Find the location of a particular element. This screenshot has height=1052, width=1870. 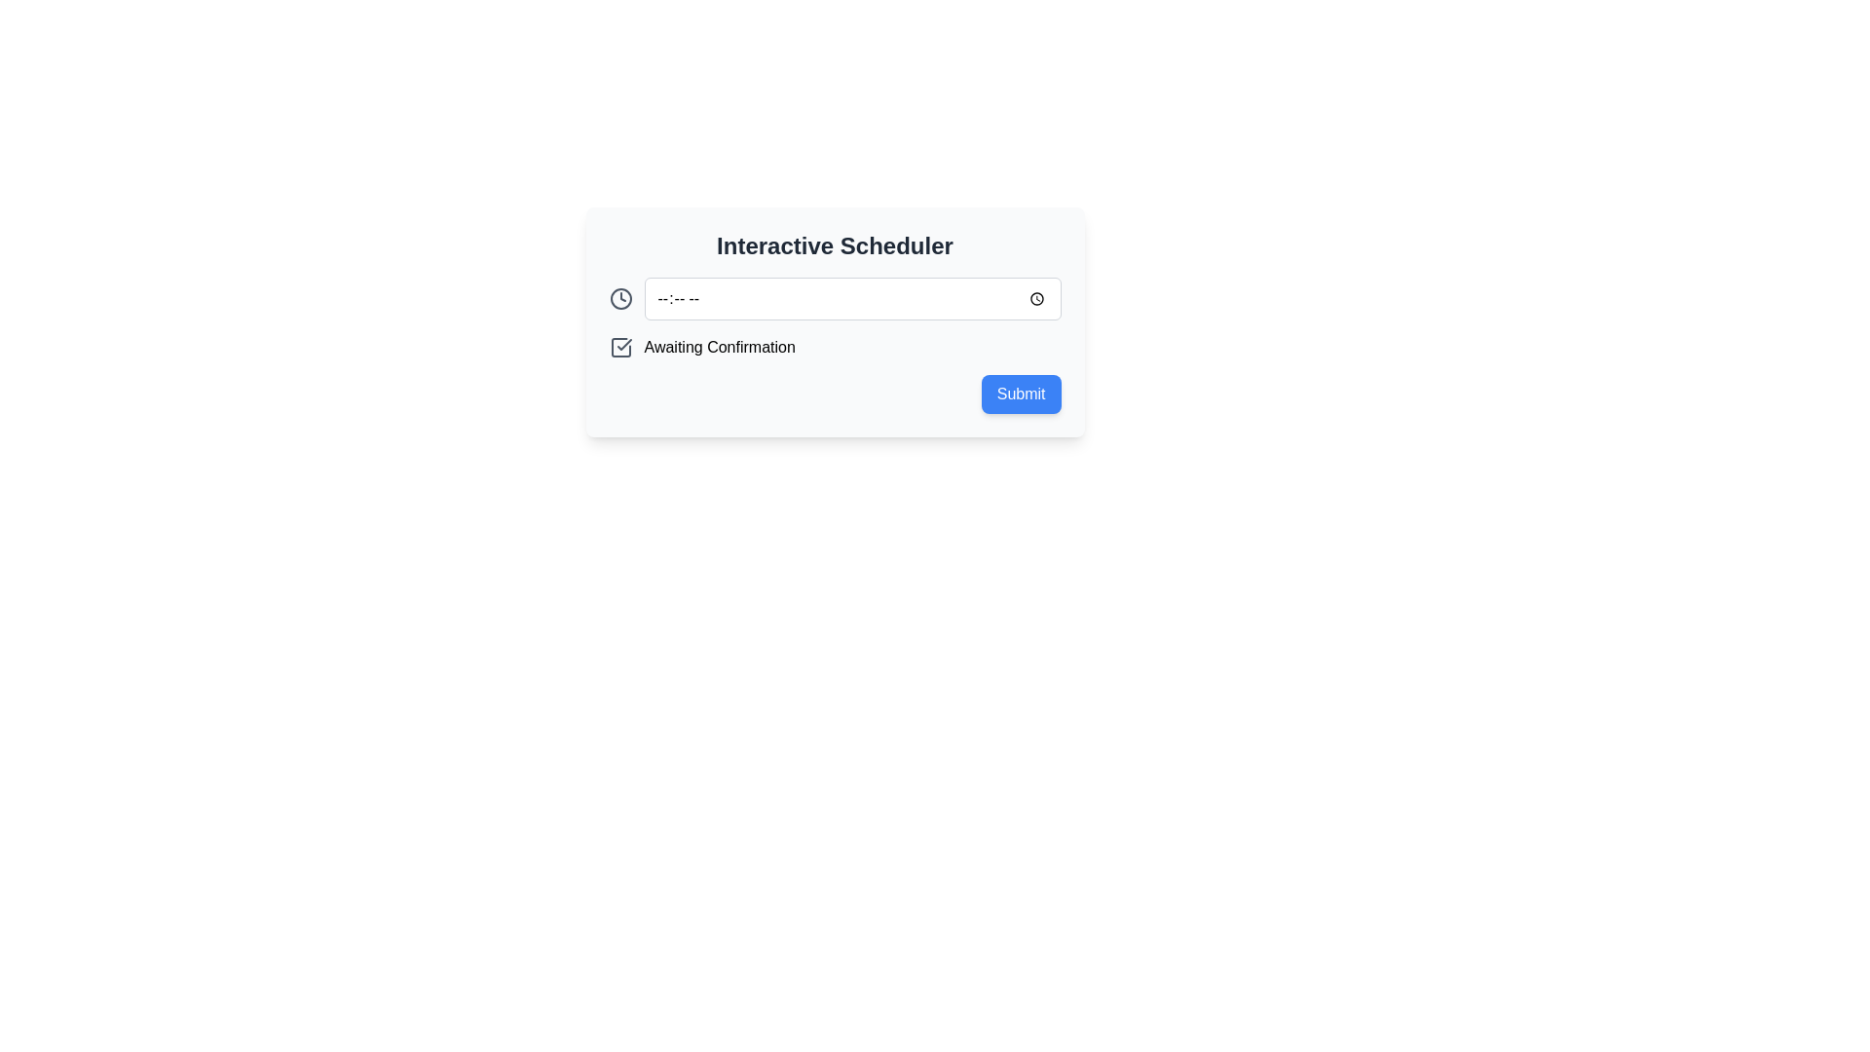

the checkmark icon, which is a minimalist tick mark located below the text field and aligned with the 'Awaiting Confirmation' label is located at coordinates (624, 344).